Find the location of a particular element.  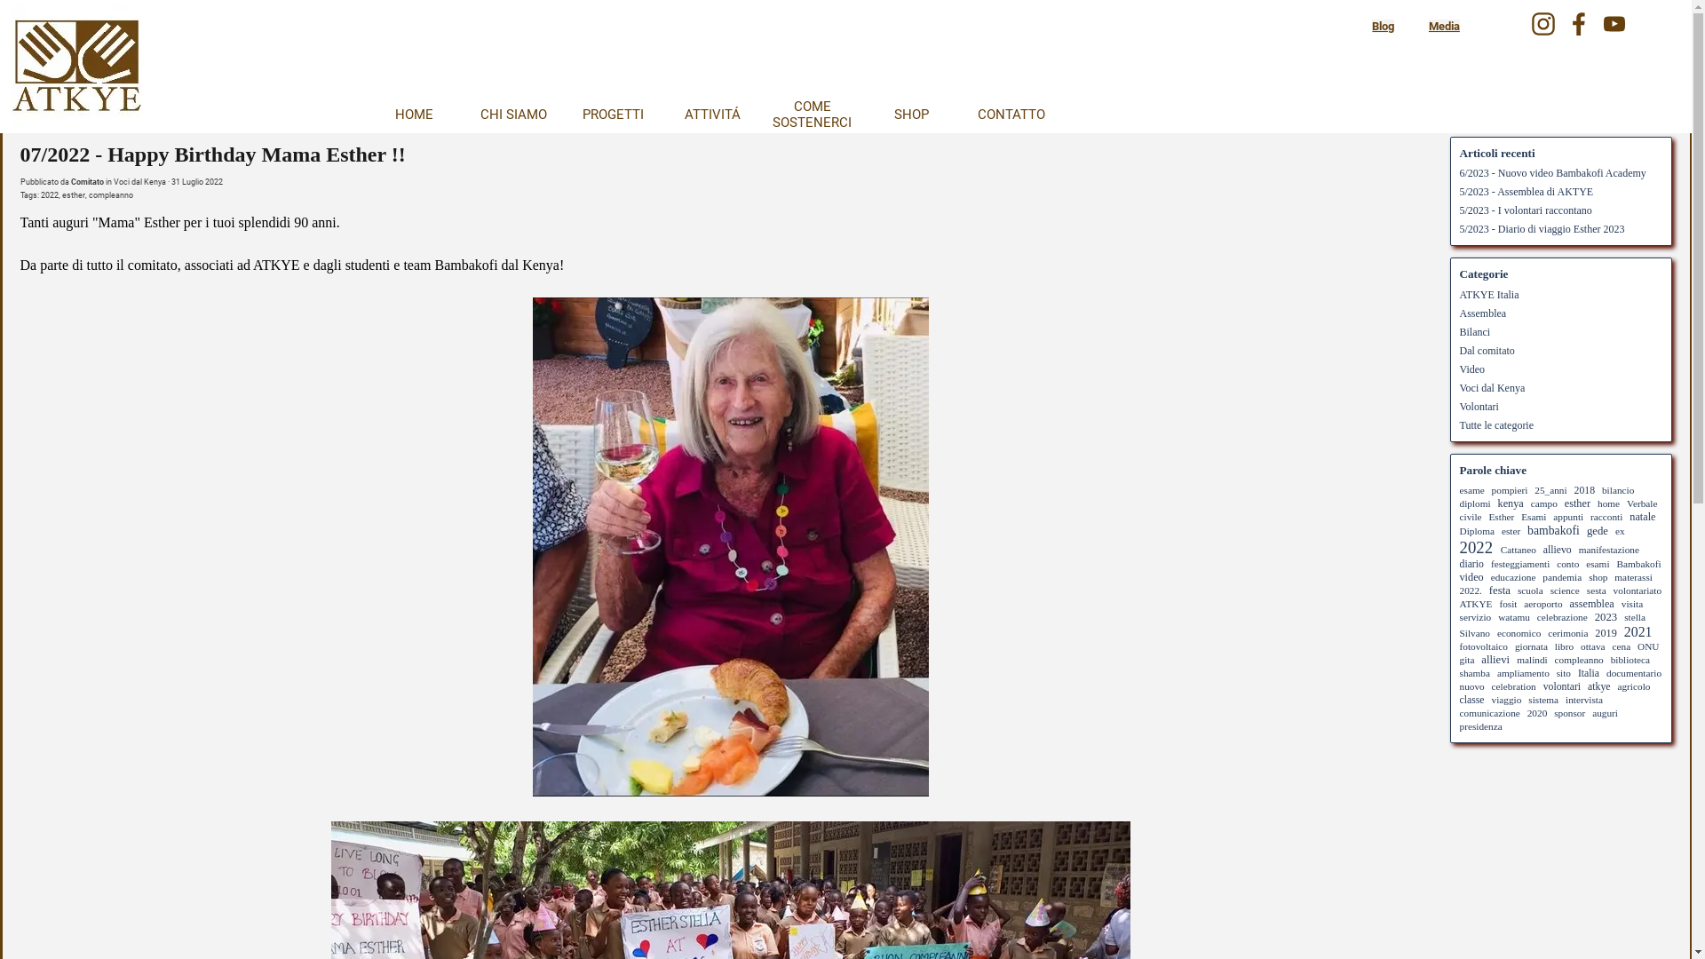

'Esami' is located at coordinates (1533, 517).